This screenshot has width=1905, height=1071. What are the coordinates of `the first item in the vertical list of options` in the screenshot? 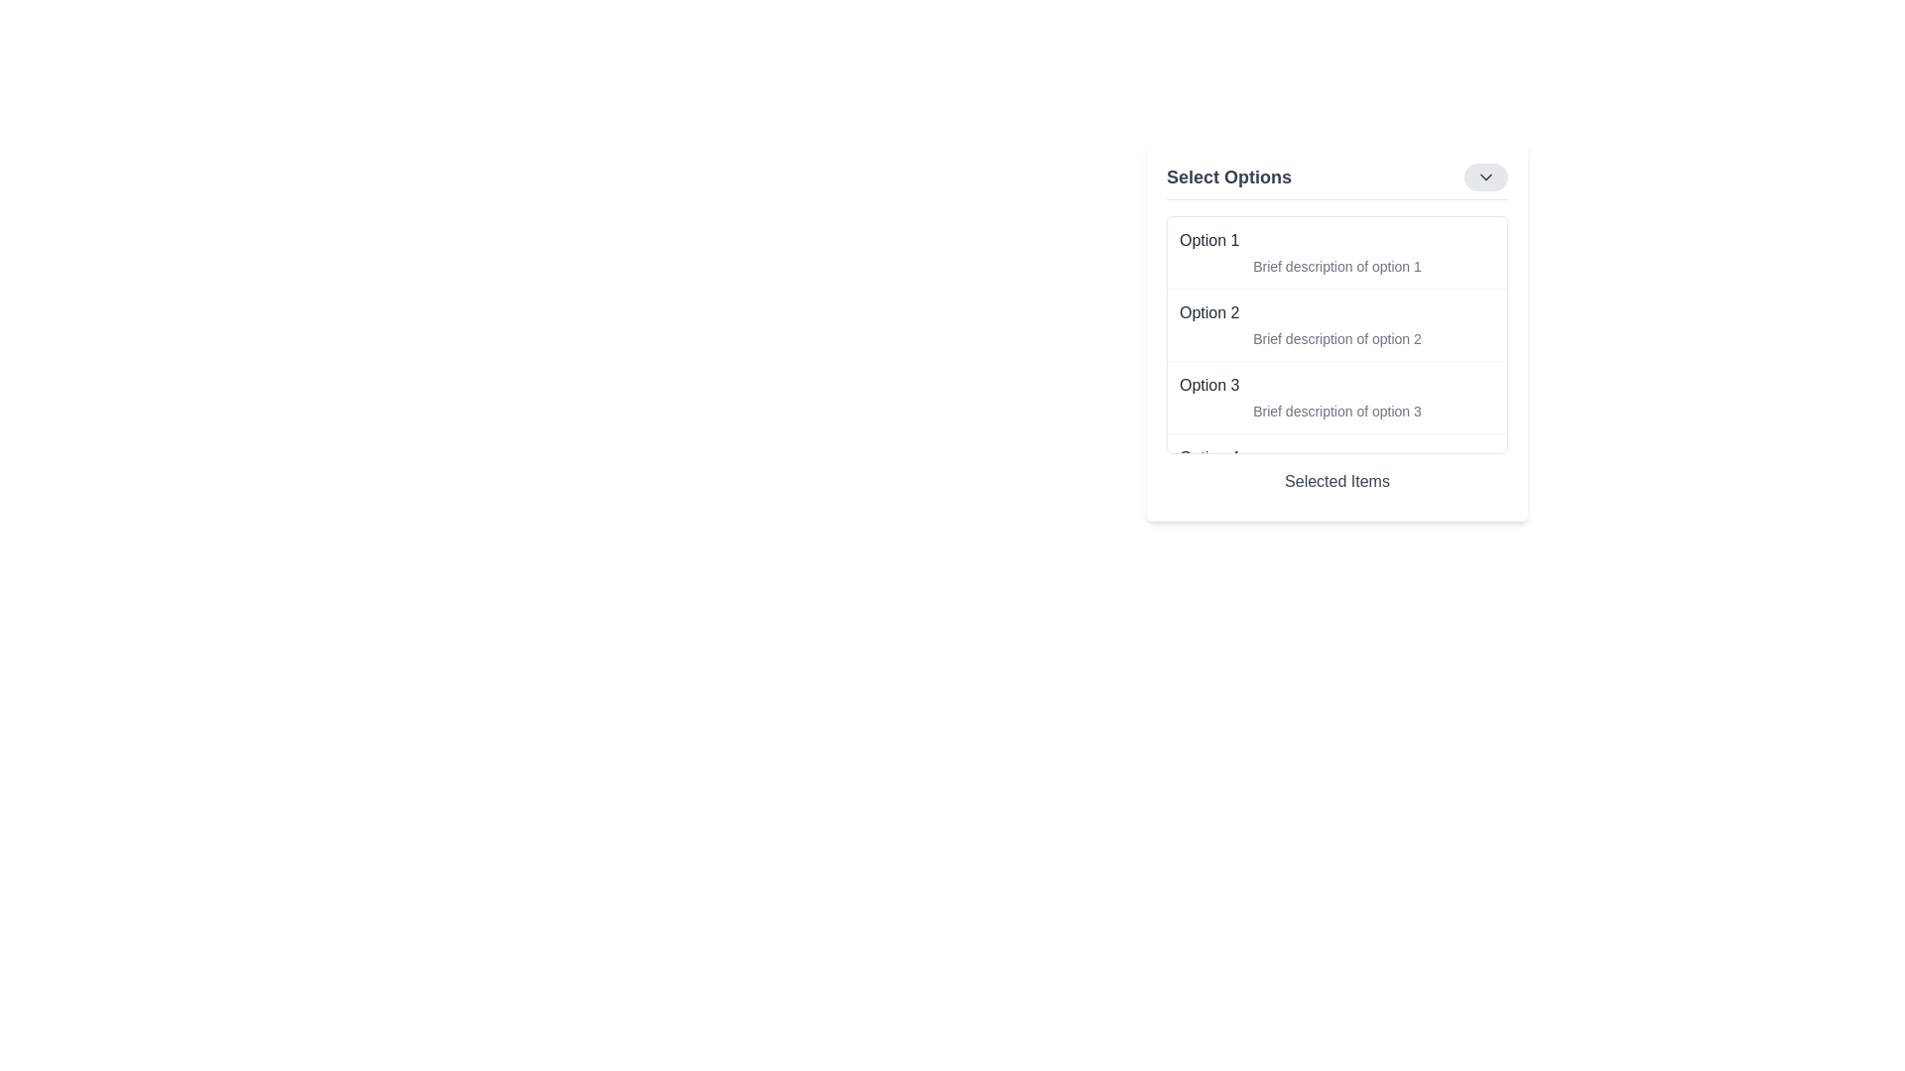 It's located at (1337, 251).